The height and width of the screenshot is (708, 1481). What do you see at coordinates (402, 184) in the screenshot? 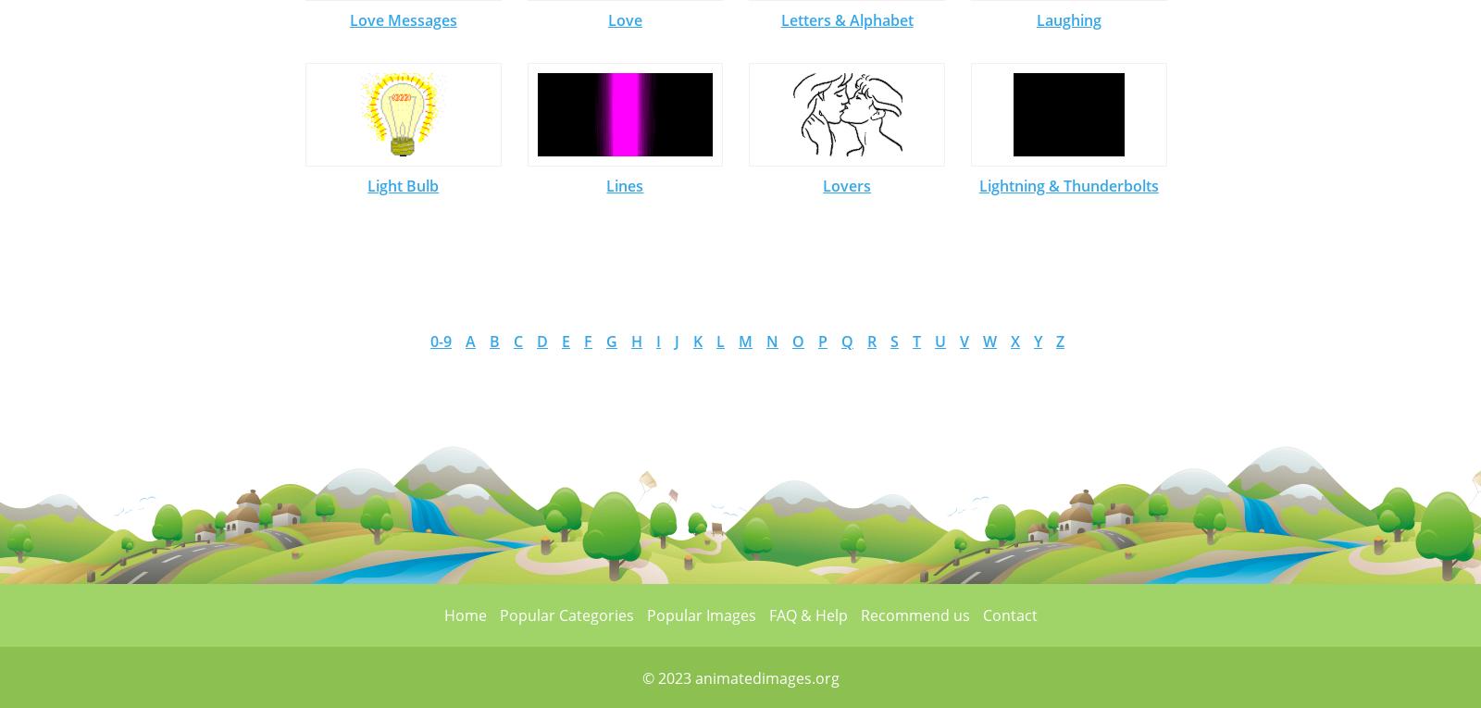
I see `'Light Bulb'` at bounding box center [402, 184].